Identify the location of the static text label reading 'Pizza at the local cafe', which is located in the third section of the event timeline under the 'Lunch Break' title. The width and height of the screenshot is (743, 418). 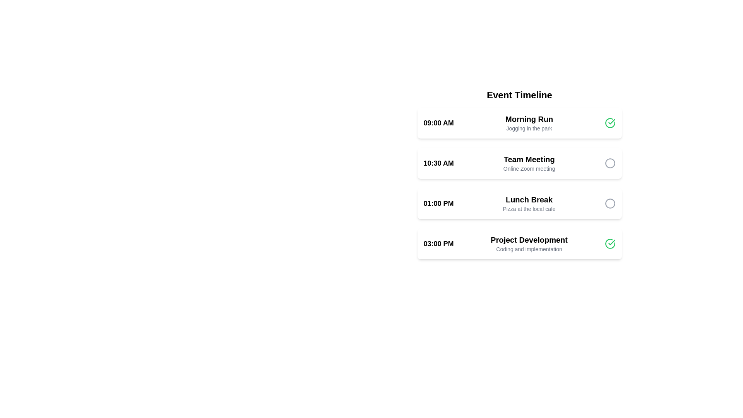
(529, 209).